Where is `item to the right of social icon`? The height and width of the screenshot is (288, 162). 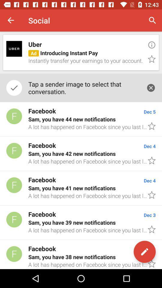
item to the right of social icon is located at coordinates (152, 20).